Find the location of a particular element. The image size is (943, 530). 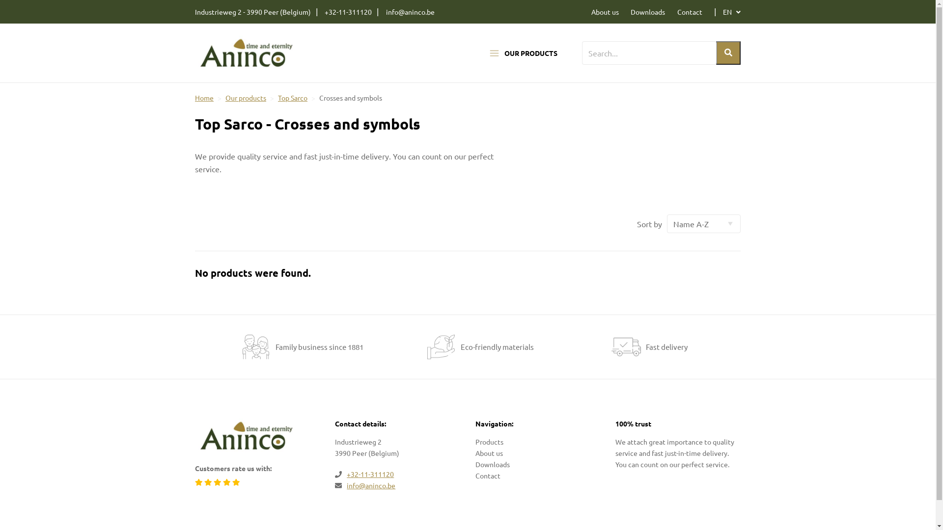

'Our products' is located at coordinates (246, 98).